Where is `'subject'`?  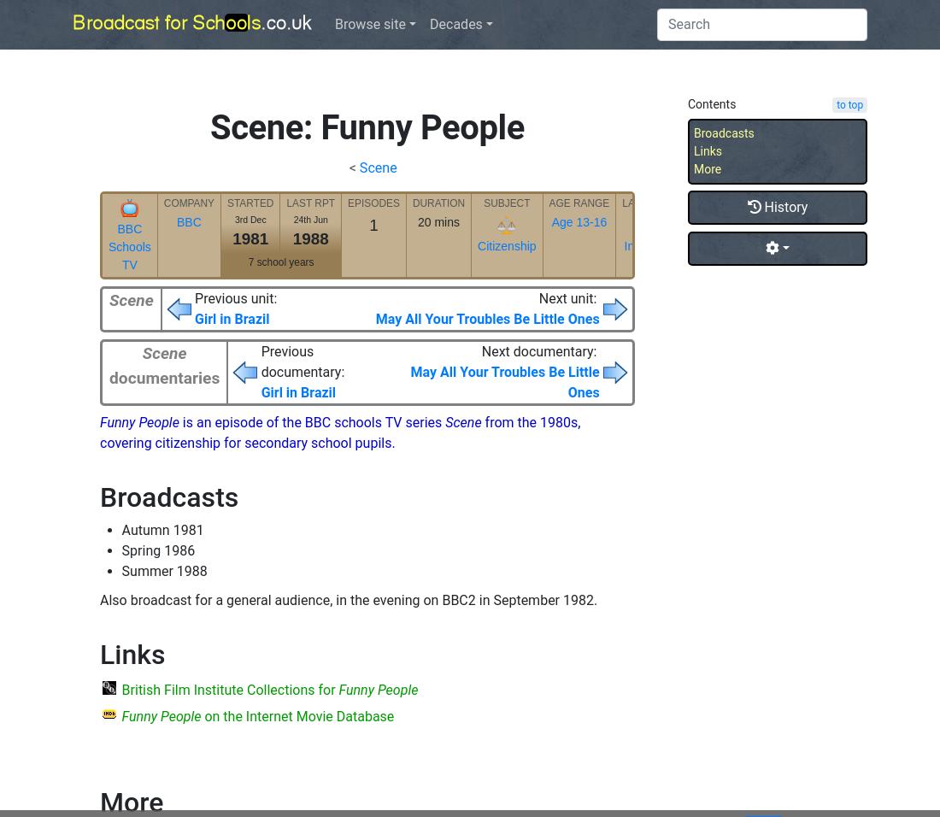
'subject' is located at coordinates (506, 202).